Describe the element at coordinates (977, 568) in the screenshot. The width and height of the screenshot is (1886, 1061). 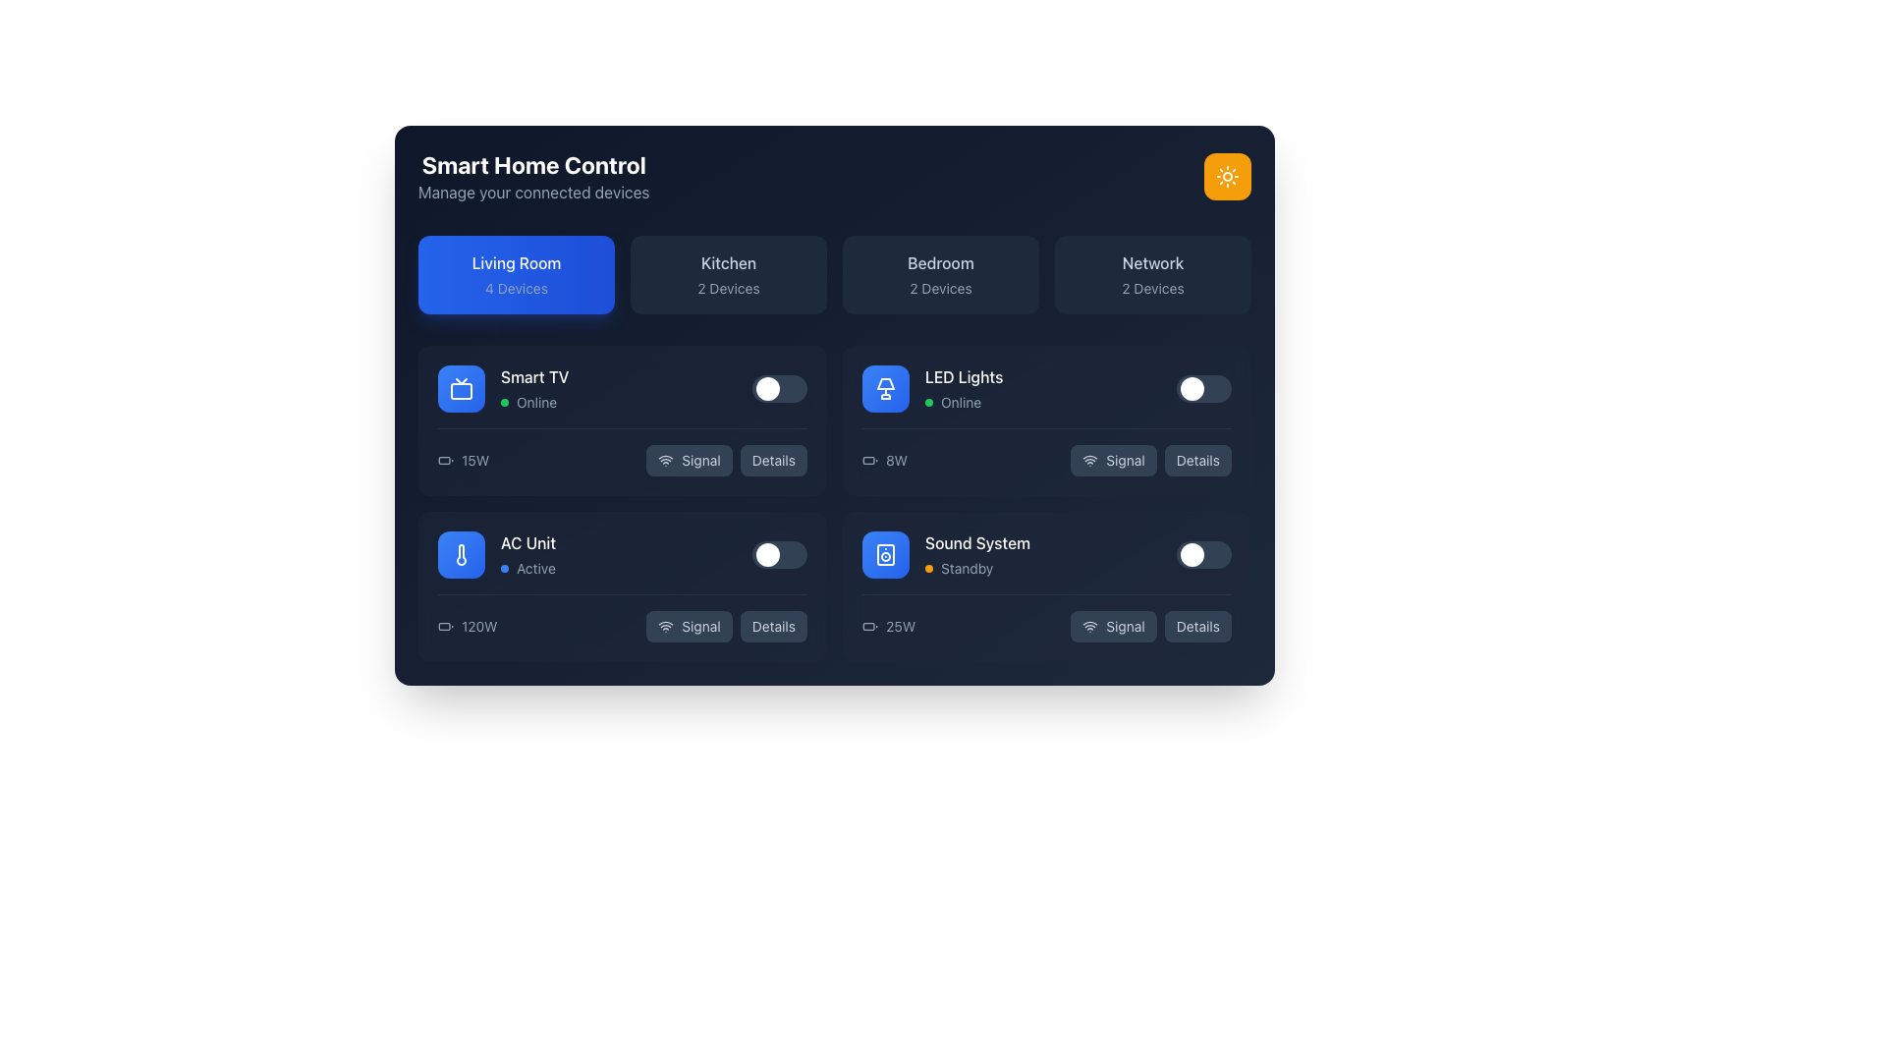
I see `status text displayed in the Status Label for the 'Sound System', located in the lower section of the 'Living Room' group, adjacent to the amber circular indicator` at that location.